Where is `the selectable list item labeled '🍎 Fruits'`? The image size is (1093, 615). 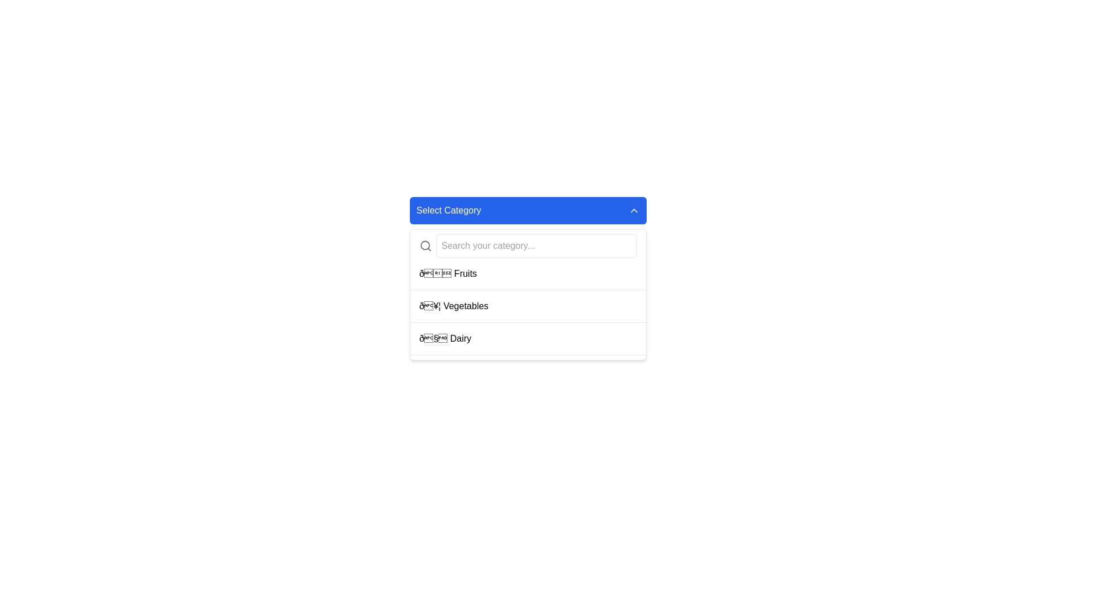
the selectable list item labeled '🍎 Fruits' is located at coordinates (447, 274).